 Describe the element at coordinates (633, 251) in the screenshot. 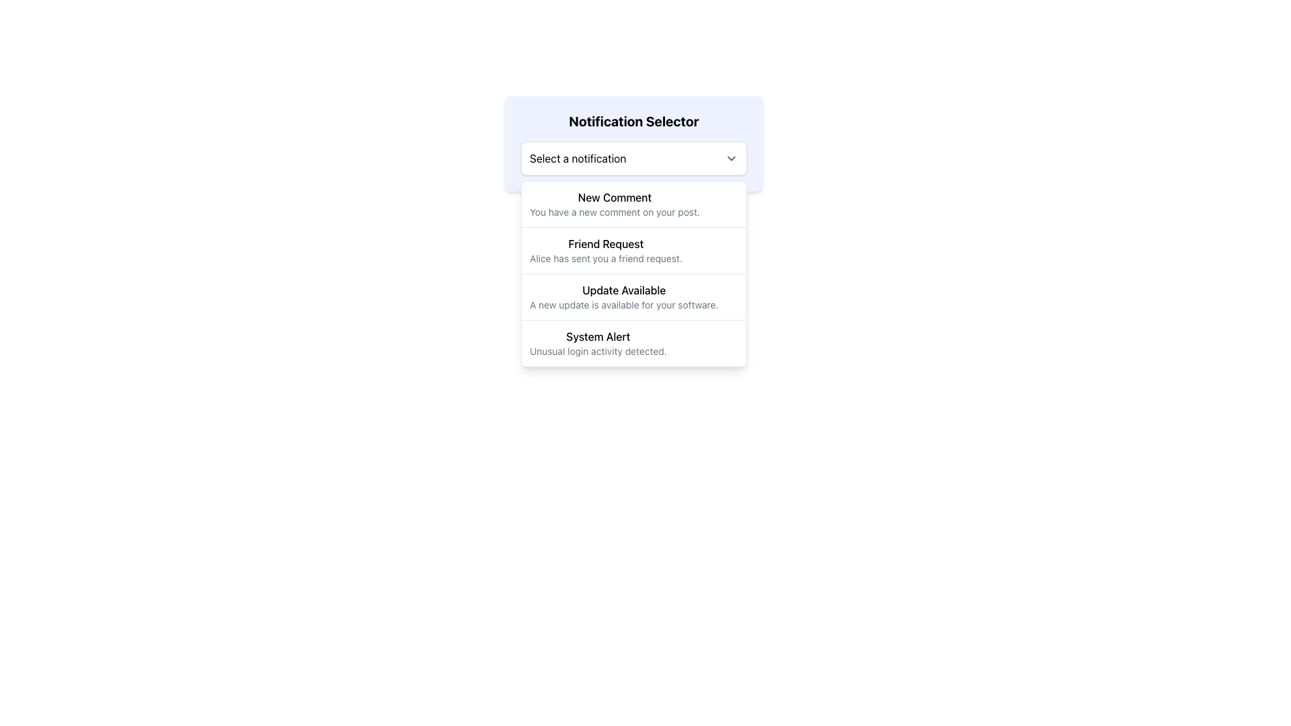

I see `the second notification entry in the list` at that location.